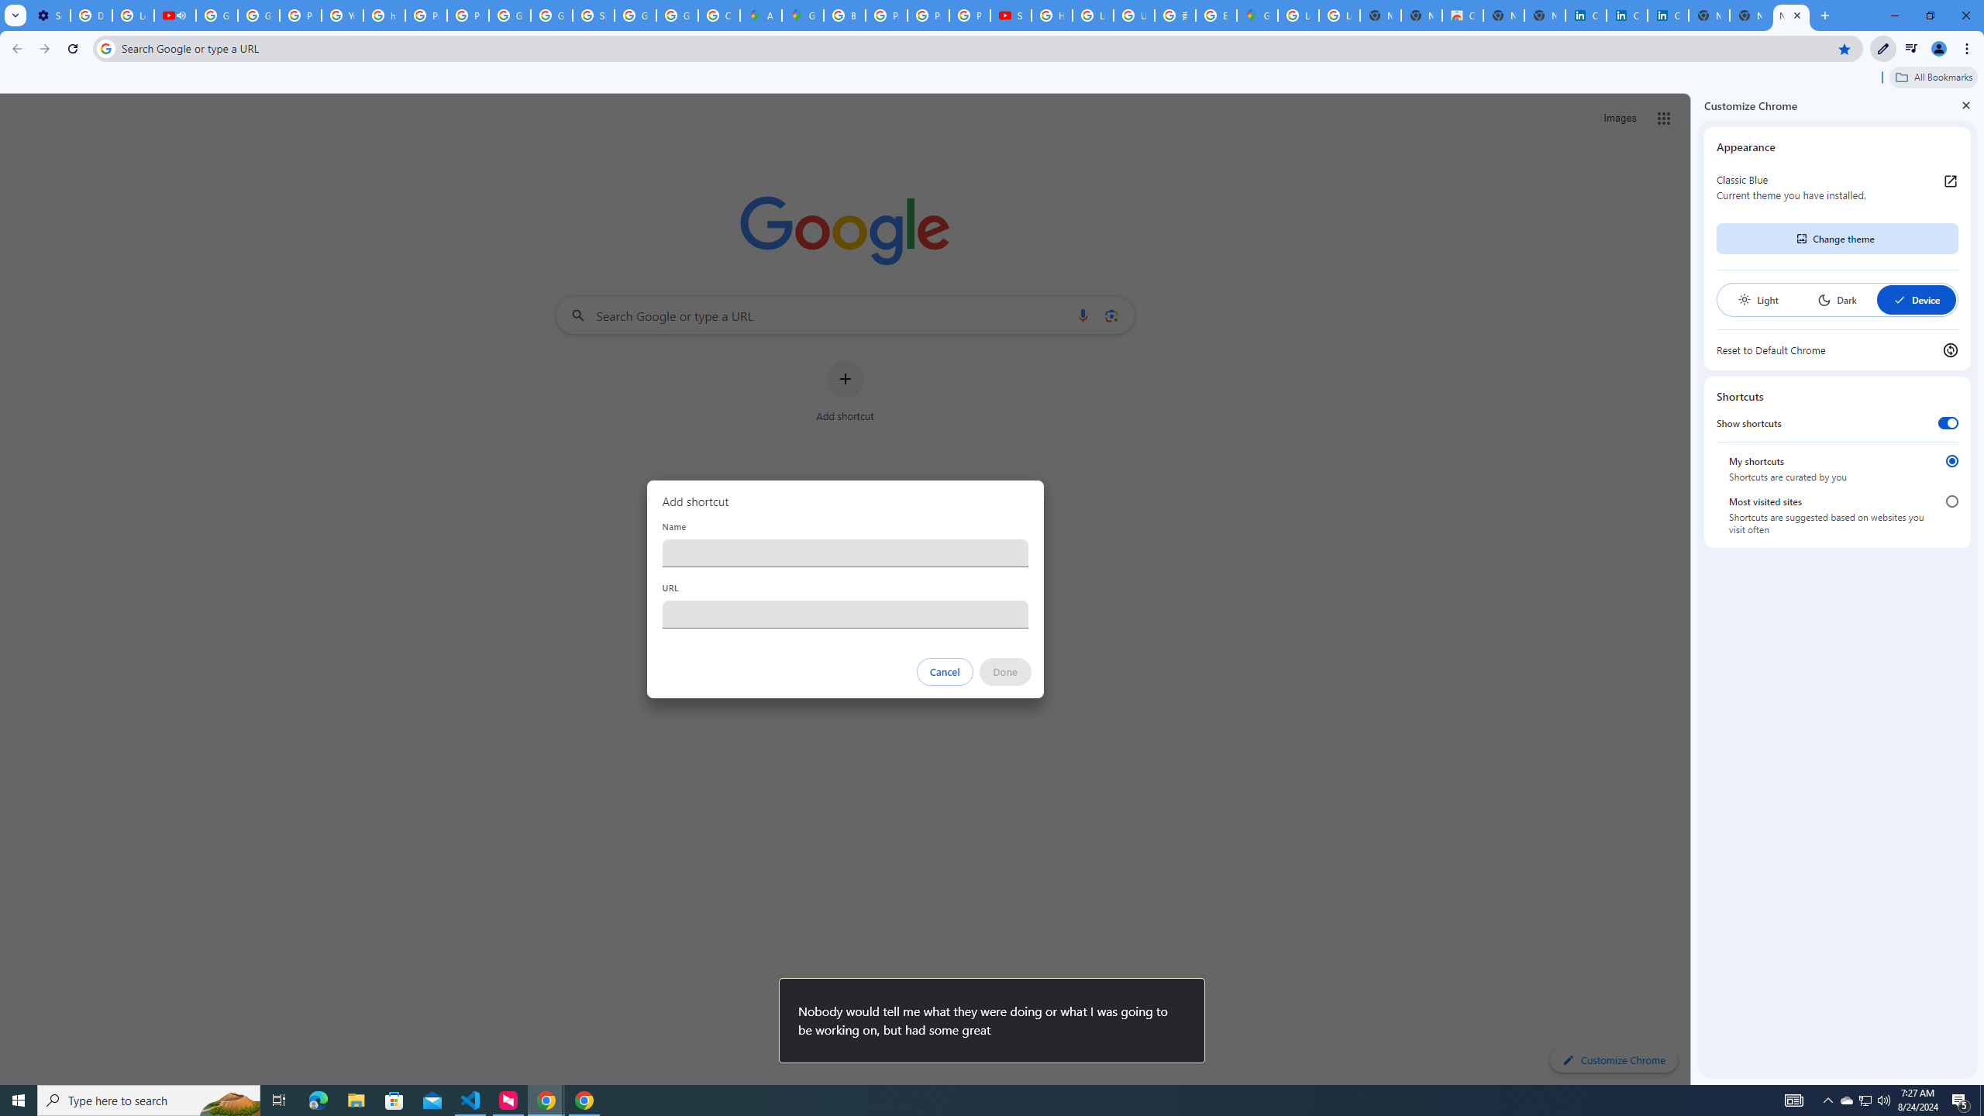 The height and width of the screenshot is (1116, 1984). Describe the element at coordinates (593, 15) in the screenshot. I see `'Sign in - Google Accounts'` at that location.